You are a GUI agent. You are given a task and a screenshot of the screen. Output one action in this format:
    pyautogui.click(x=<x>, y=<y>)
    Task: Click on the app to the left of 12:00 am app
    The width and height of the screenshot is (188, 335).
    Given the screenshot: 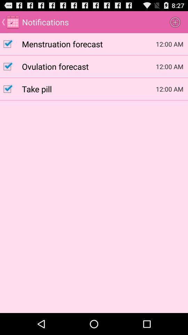 What is the action you would take?
    pyautogui.click(x=89, y=88)
    